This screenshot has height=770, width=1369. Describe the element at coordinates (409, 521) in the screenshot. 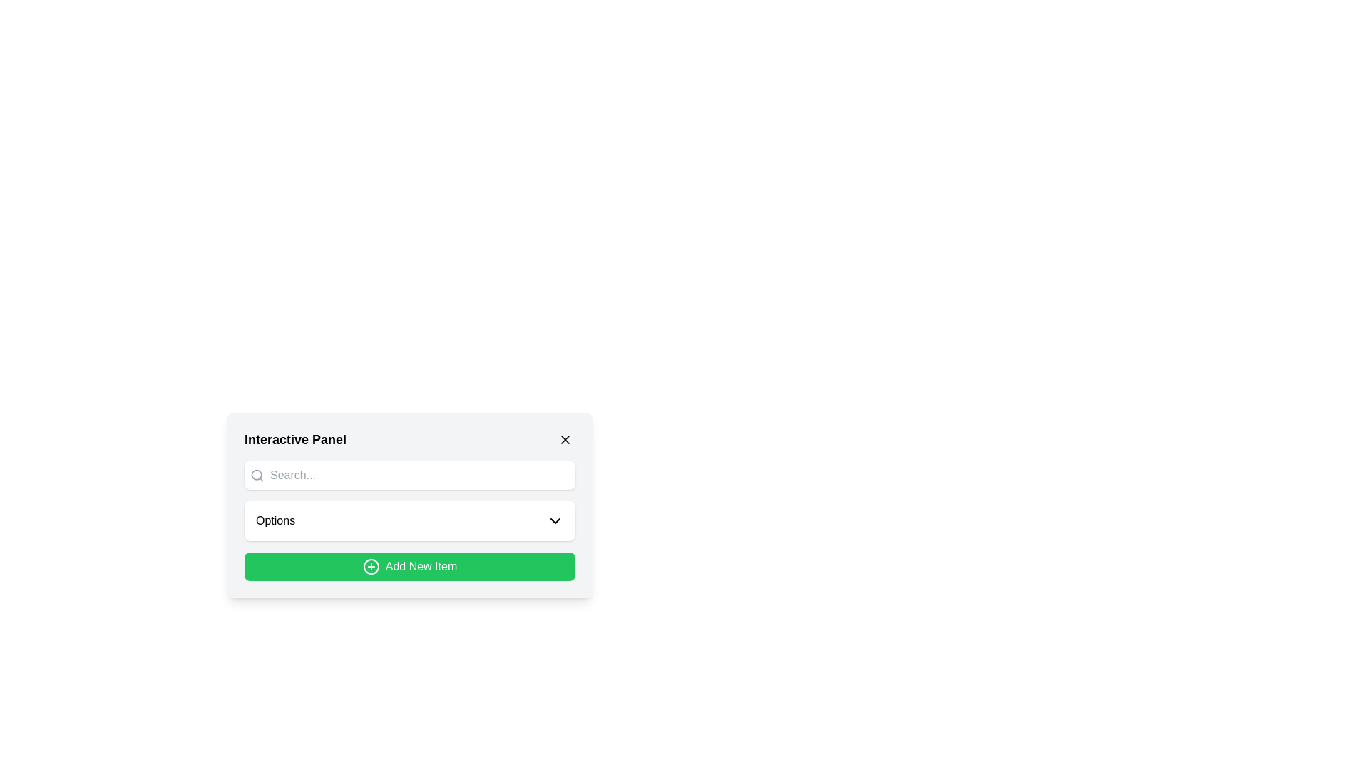

I see `the dropdown menu trigger labeled 'Options'` at that location.